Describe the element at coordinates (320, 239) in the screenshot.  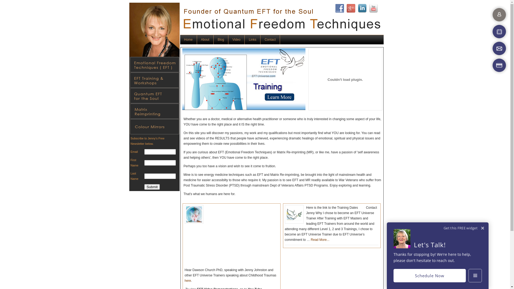
I see `'Read More...'` at that location.